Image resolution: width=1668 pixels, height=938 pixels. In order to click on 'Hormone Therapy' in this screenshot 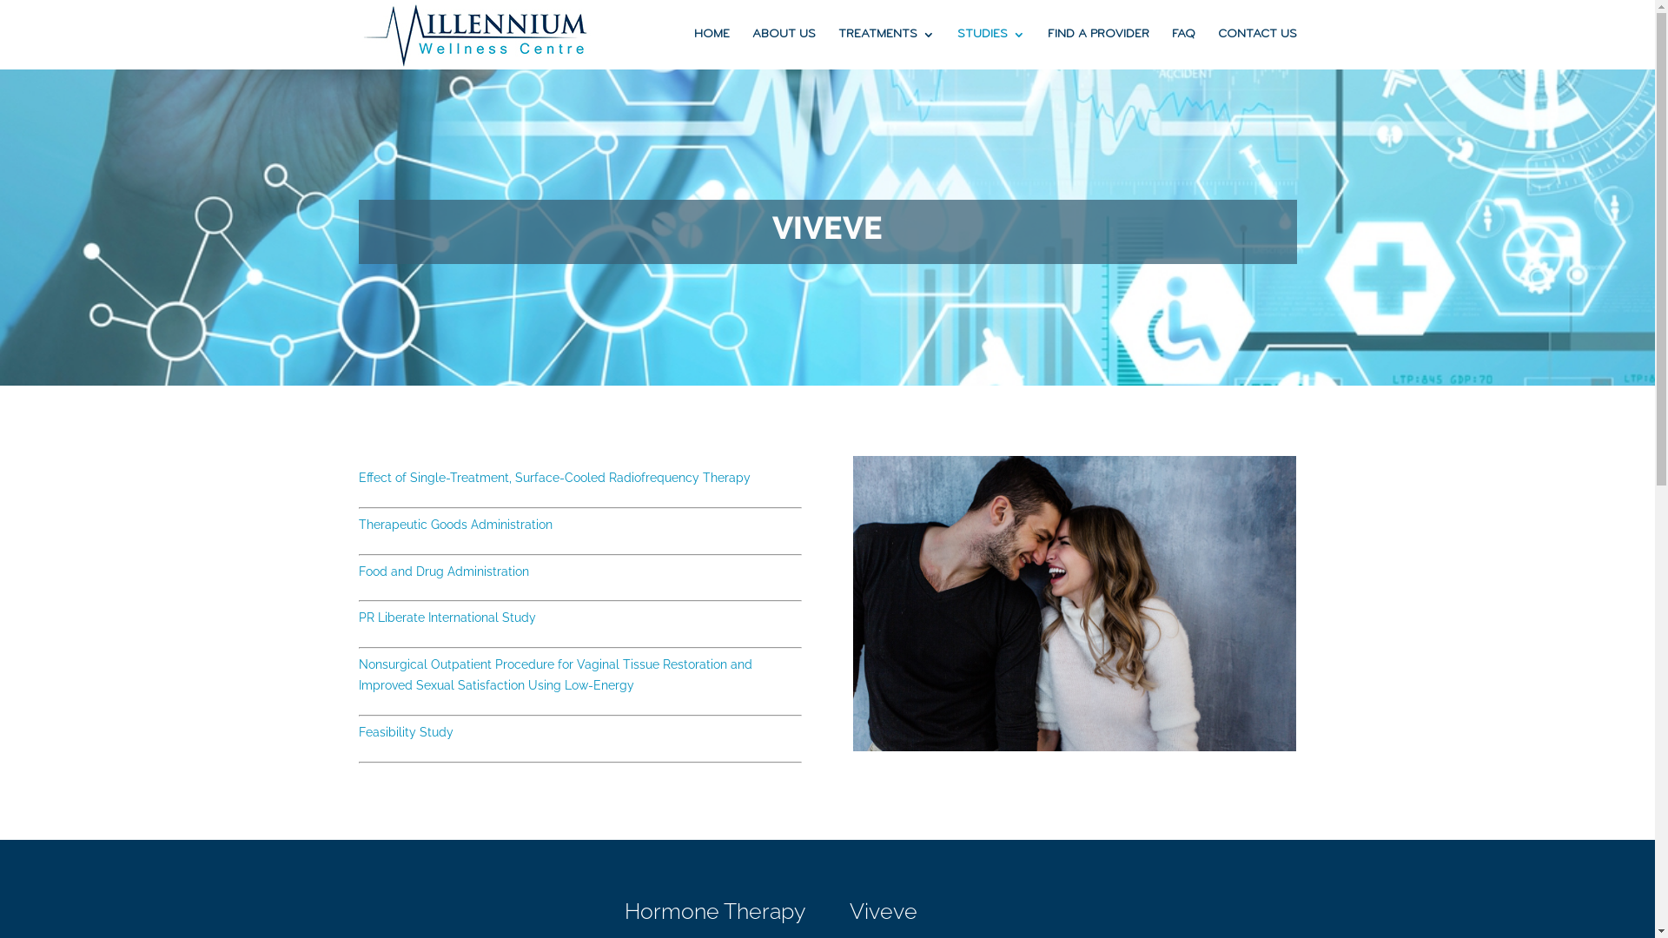, I will do `click(715, 910)`.